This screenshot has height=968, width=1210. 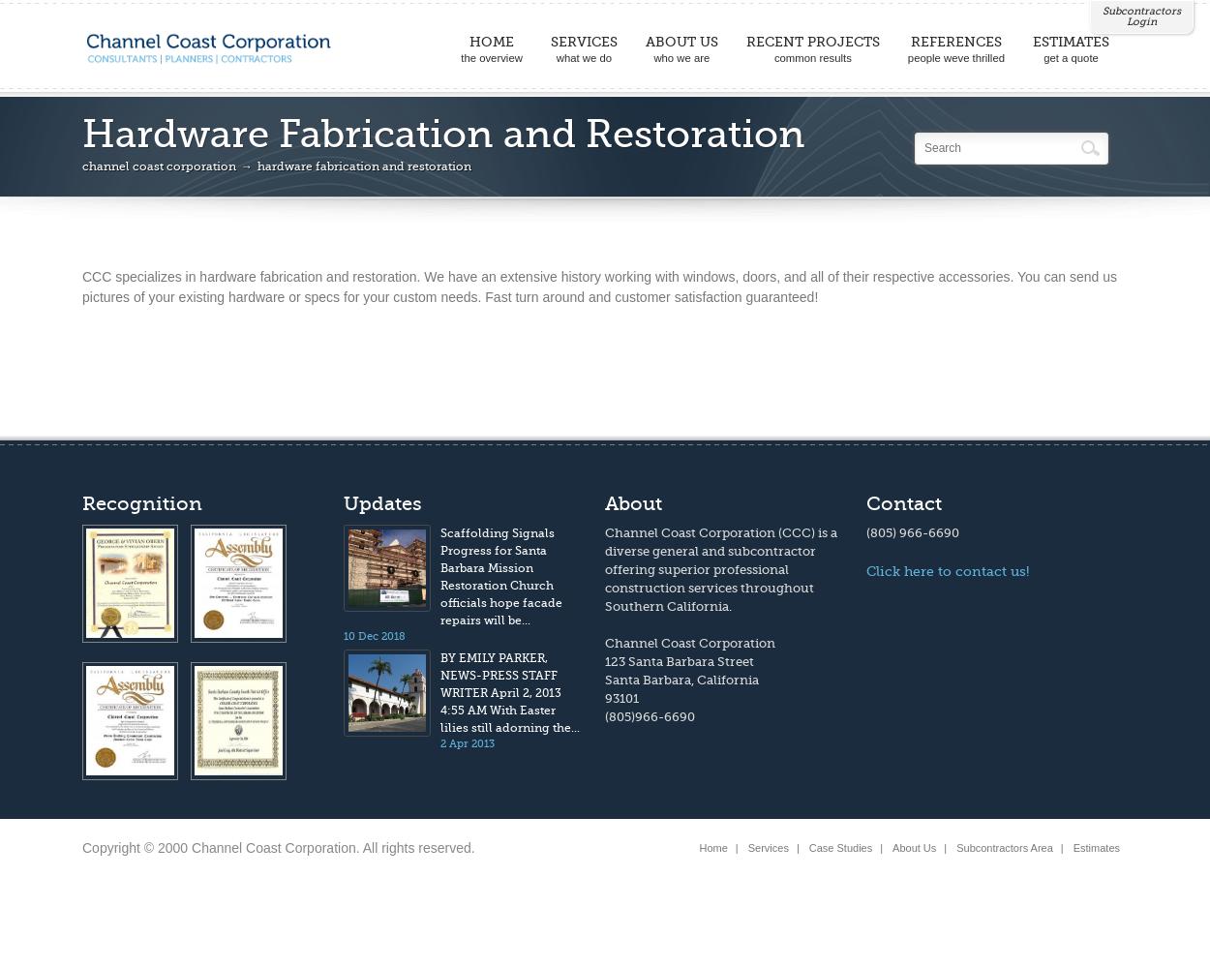 I want to click on 'CCC specializes in hardware fabrication and restoration. We have an extensive history working with windows, doors, and all of their respective accessories. You can send us pictures of your existing hardware or specs for your custom needs. Fast turn around and customer satisfaction guaranteed!', so click(x=81, y=287).